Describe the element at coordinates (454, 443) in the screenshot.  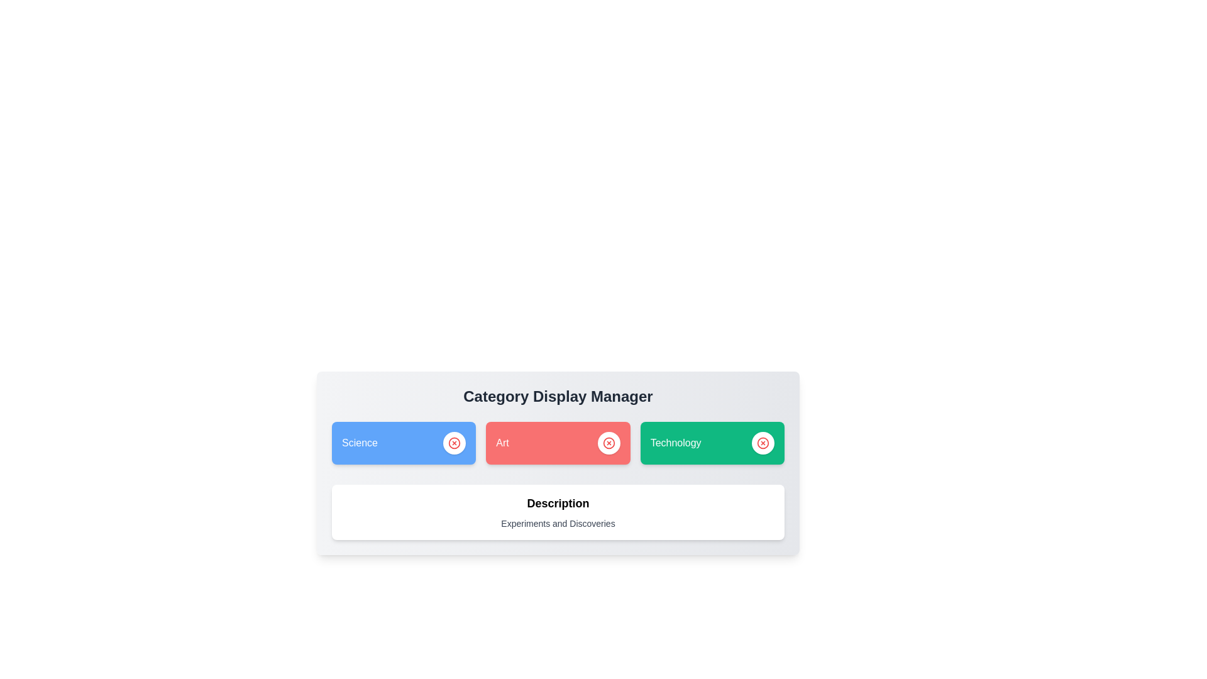
I see `the delete button for the category Science` at that location.